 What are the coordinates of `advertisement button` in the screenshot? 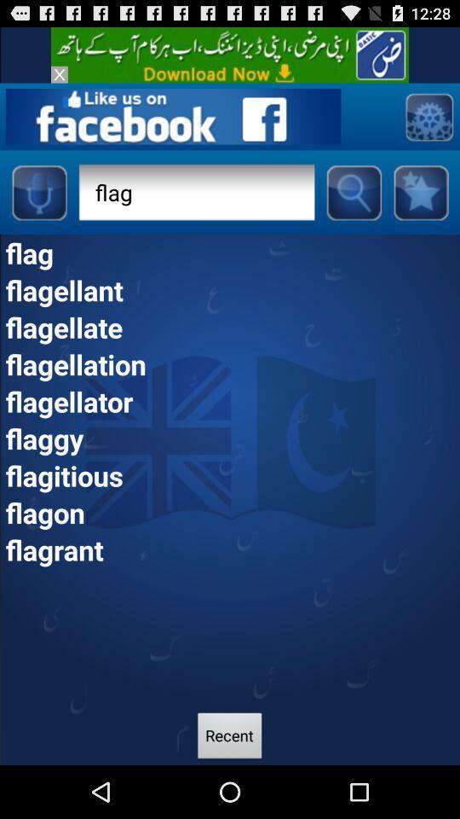 It's located at (230, 55).